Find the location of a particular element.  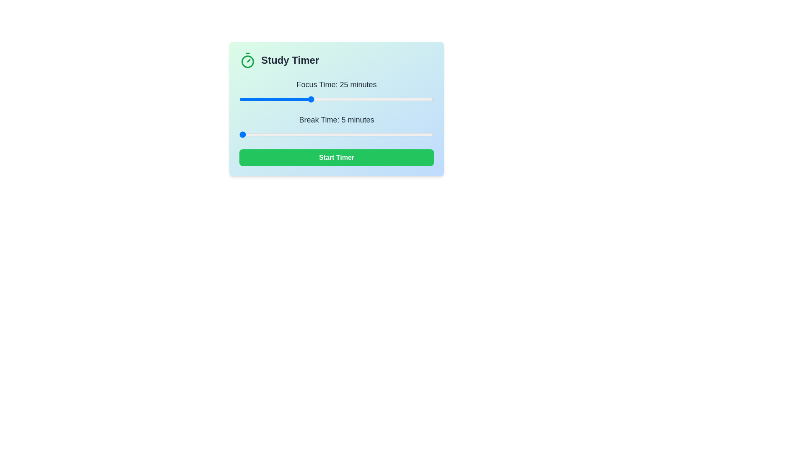

the focus time slider to set the duration to 46 minutes is located at coordinates (384, 99).